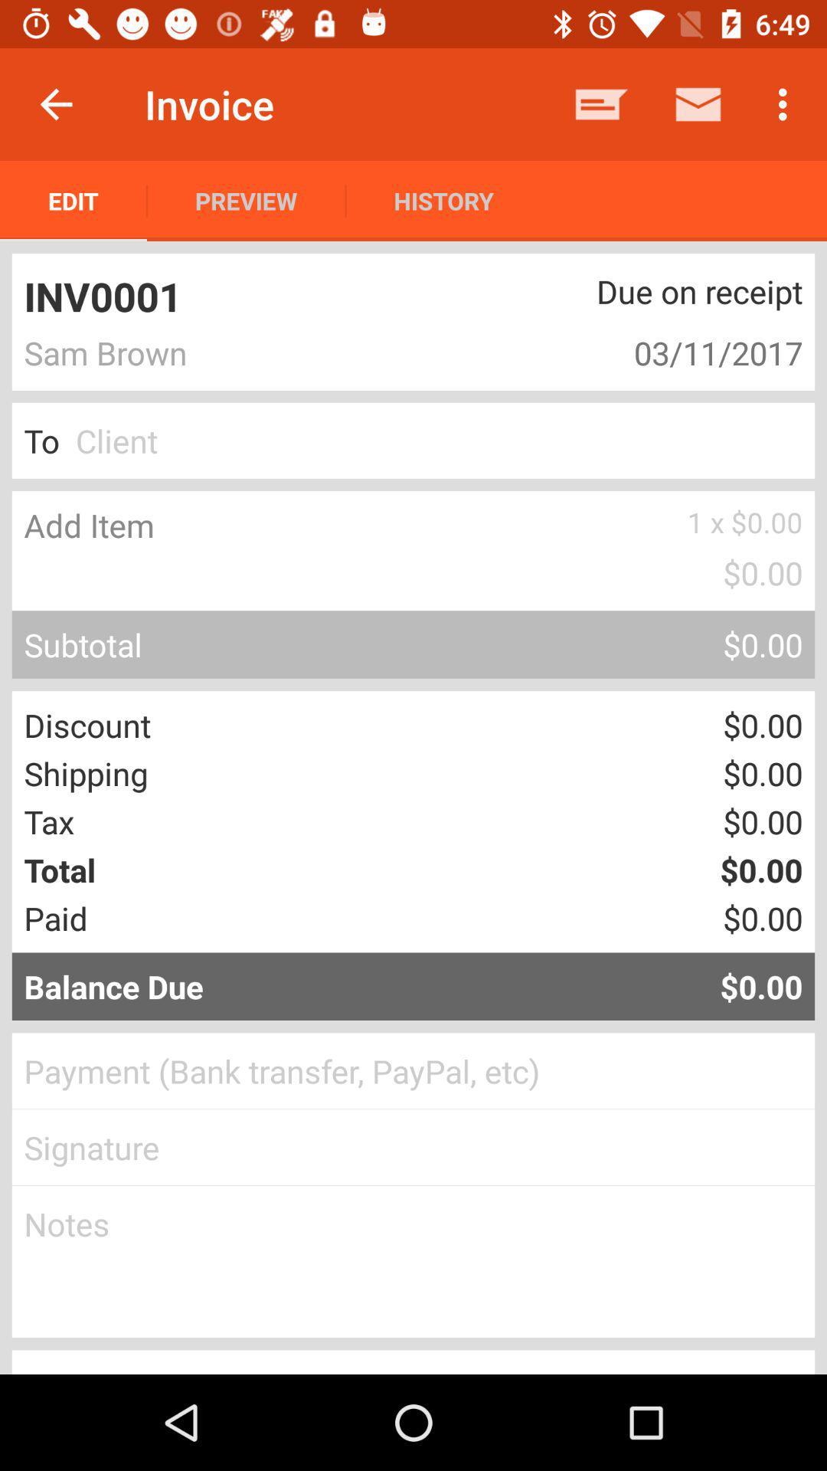  I want to click on history item, so click(443, 200).